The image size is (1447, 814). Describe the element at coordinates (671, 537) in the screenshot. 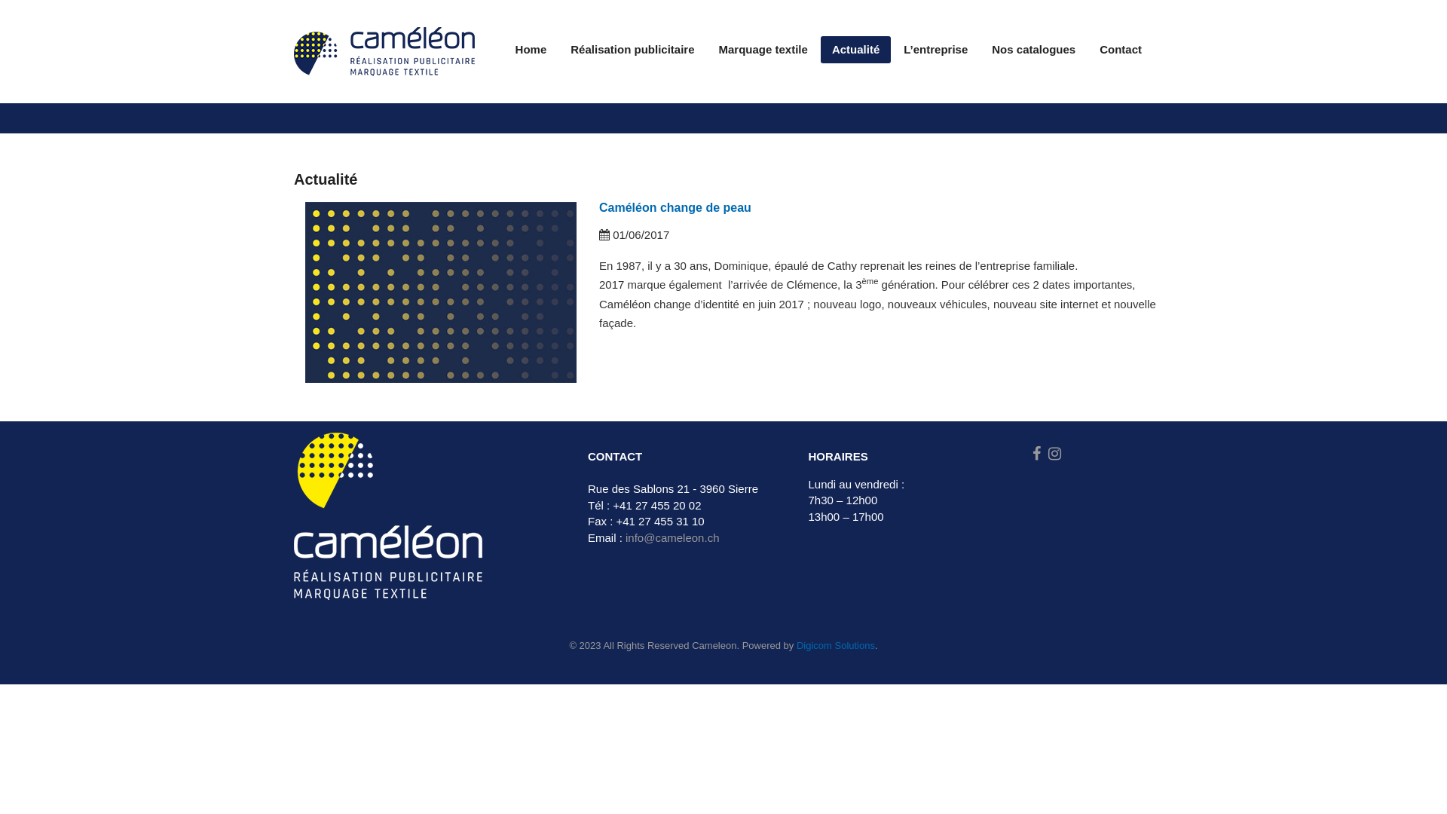

I see `'info@cameleon.ch'` at that location.